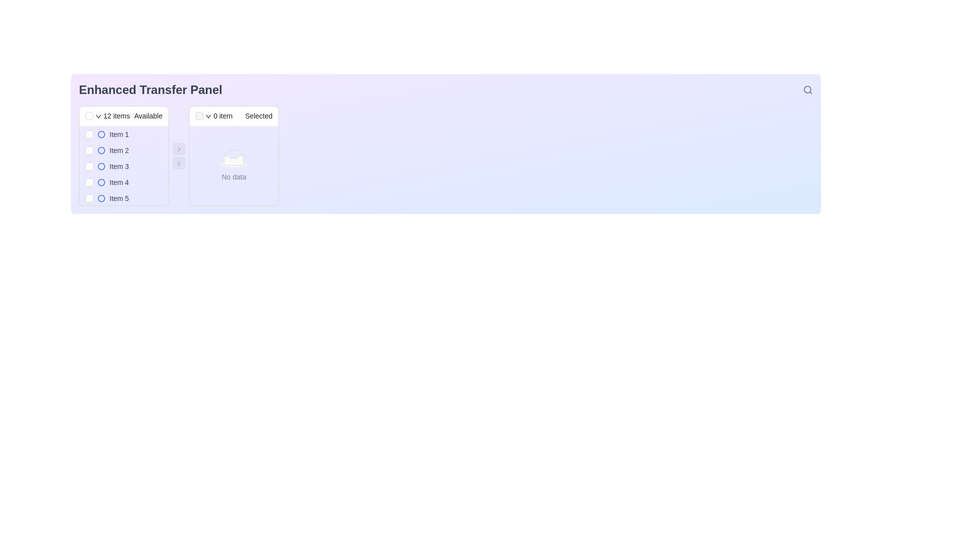  I want to click on the button located between the 'Available Items' panel and the 'Selected Items' panel, so click(179, 162).